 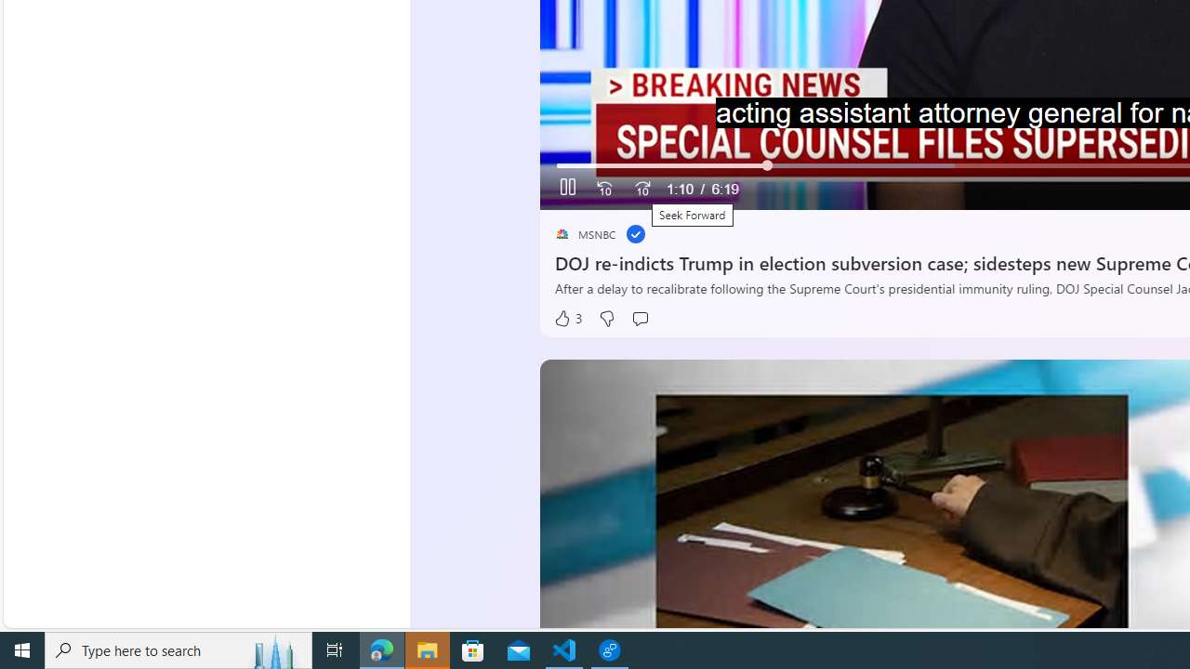 I want to click on 'Start the conversation', so click(x=640, y=318).